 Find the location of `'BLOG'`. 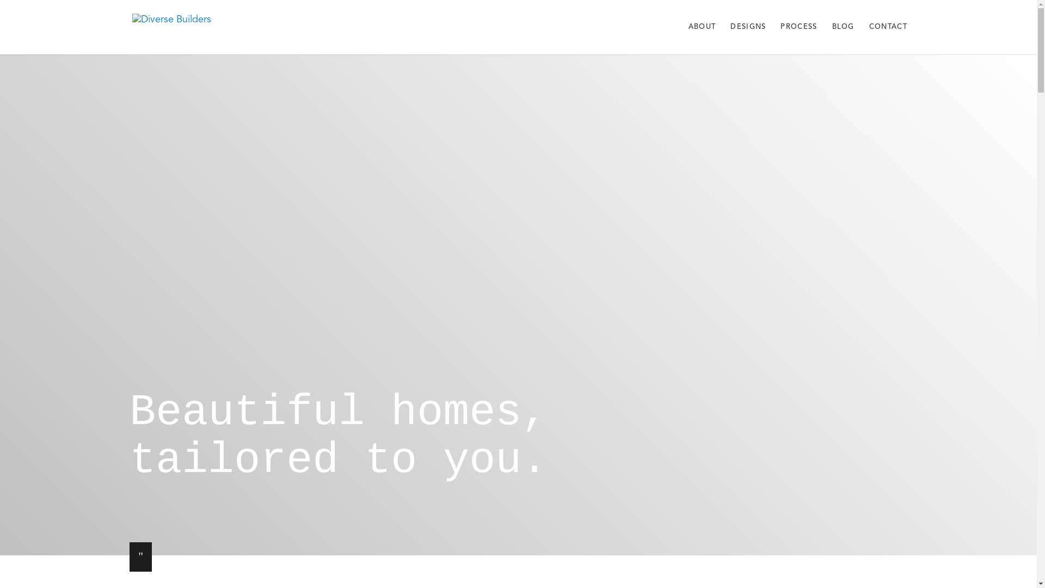

'BLOG' is located at coordinates (843, 38).